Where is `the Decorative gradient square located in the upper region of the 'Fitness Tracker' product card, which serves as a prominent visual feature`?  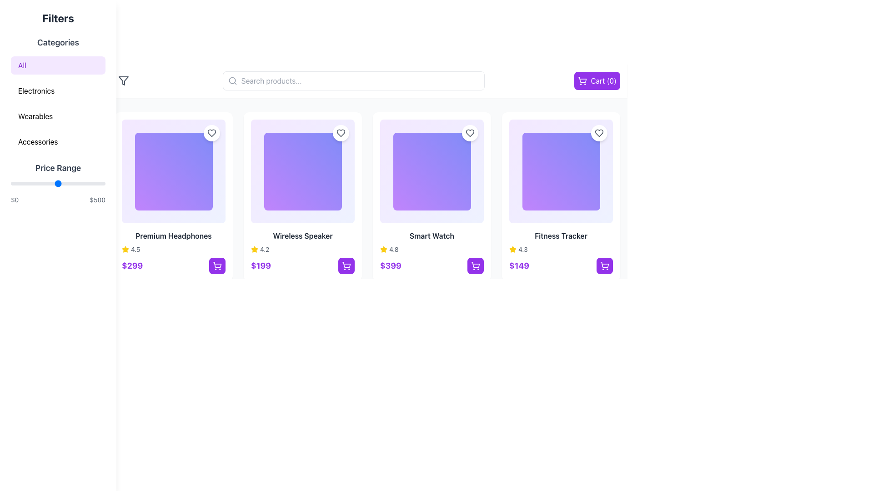
the Decorative gradient square located in the upper region of the 'Fitness Tracker' product card, which serves as a prominent visual feature is located at coordinates (560, 171).